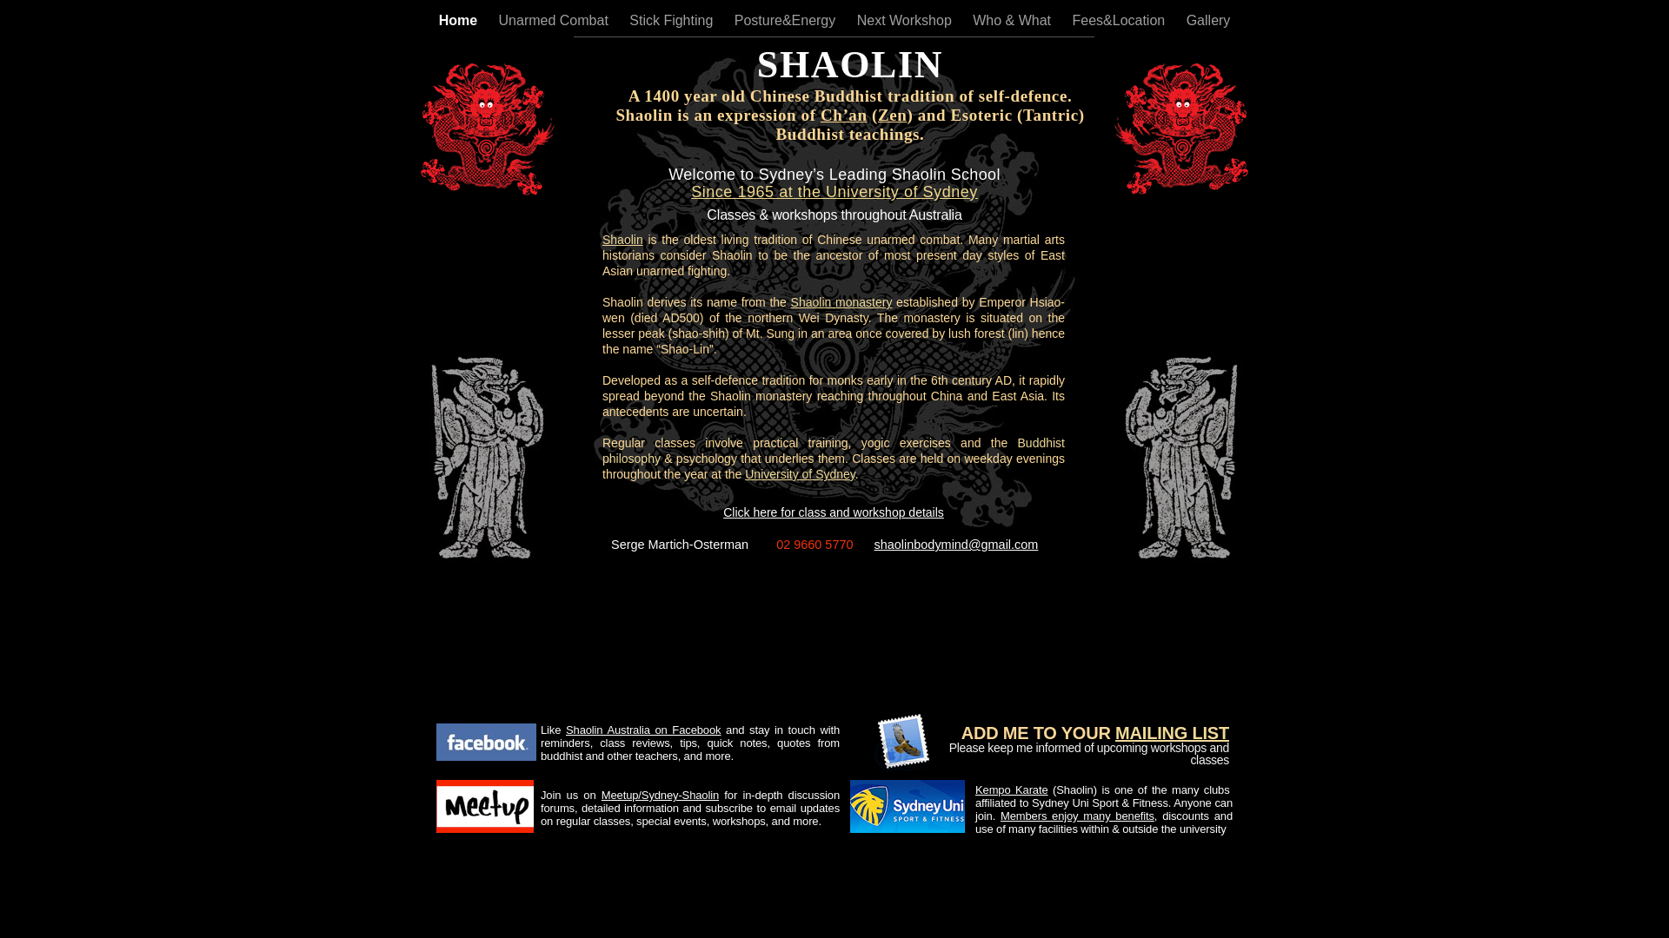 Image resolution: width=1669 pixels, height=938 pixels. What do you see at coordinates (628, 20) in the screenshot?
I see `'Stick Fighting'` at bounding box center [628, 20].